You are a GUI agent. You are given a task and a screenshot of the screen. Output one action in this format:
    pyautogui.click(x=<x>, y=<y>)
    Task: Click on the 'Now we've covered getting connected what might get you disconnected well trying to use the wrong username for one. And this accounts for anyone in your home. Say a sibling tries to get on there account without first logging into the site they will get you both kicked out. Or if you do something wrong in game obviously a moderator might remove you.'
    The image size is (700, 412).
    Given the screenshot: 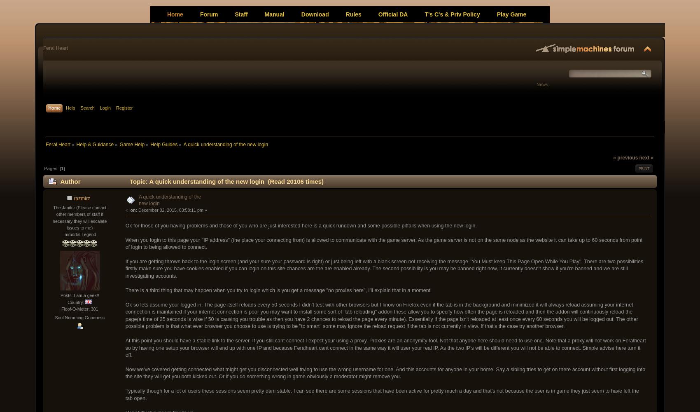 What is the action you would take?
    pyautogui.click(x=125, y=373)
    